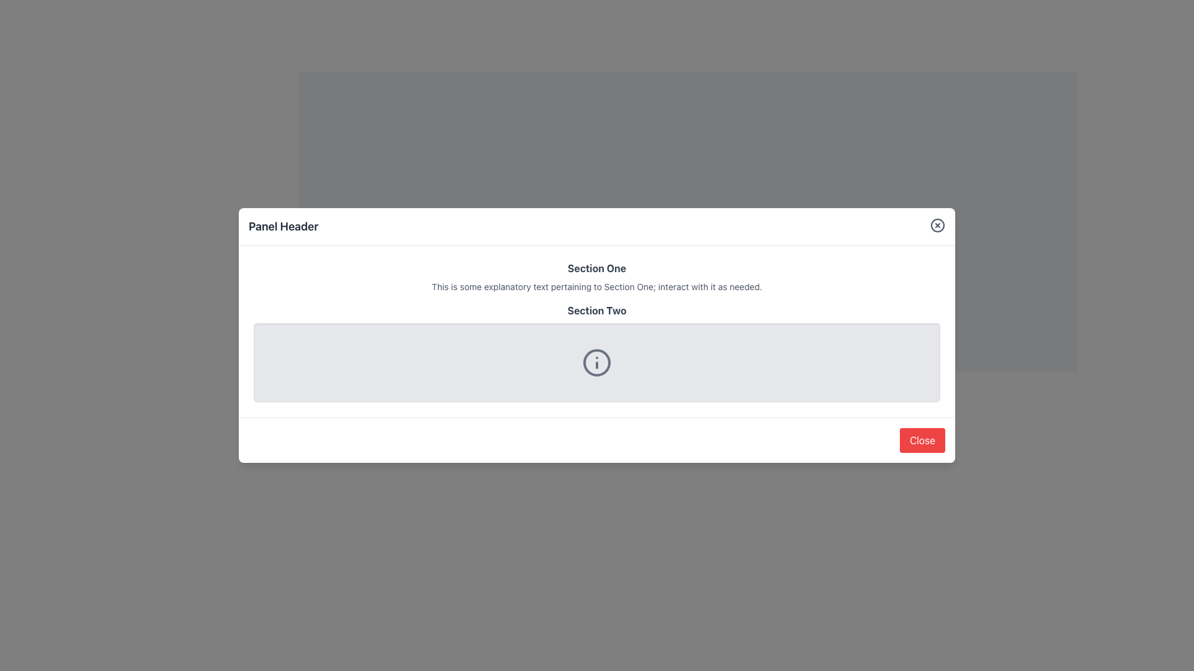 The image size is (1194, 671). I want to click on the informational icon, which is a circular gray icon with the letter 'i' in the center, located under the heading 'Section Two', so click(597, 362).